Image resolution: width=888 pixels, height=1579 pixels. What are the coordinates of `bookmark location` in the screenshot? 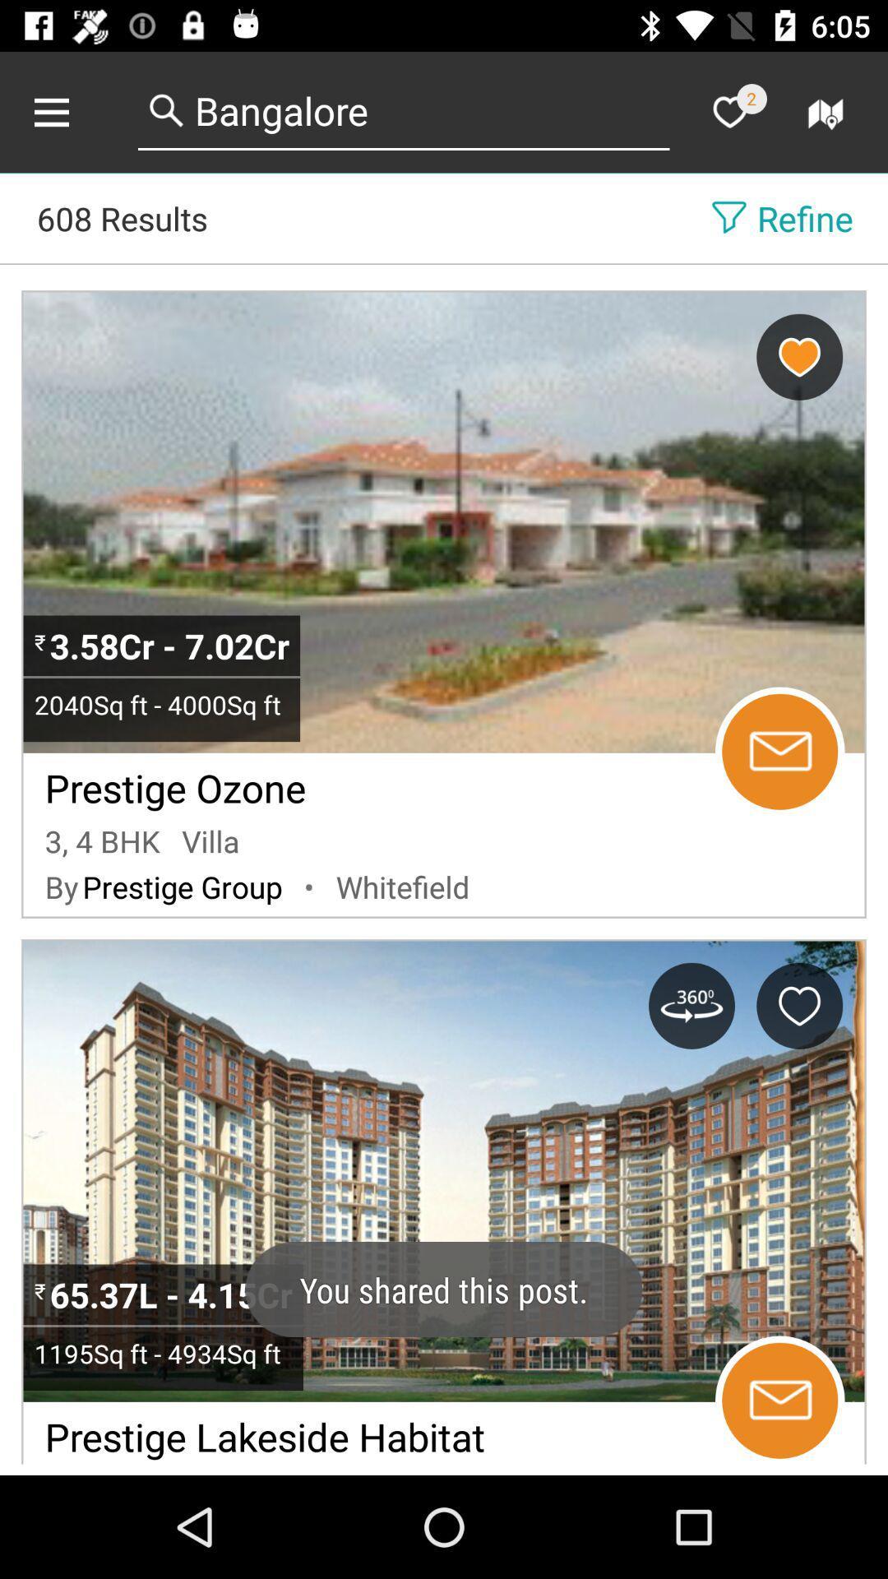 It's located at (798, 356).